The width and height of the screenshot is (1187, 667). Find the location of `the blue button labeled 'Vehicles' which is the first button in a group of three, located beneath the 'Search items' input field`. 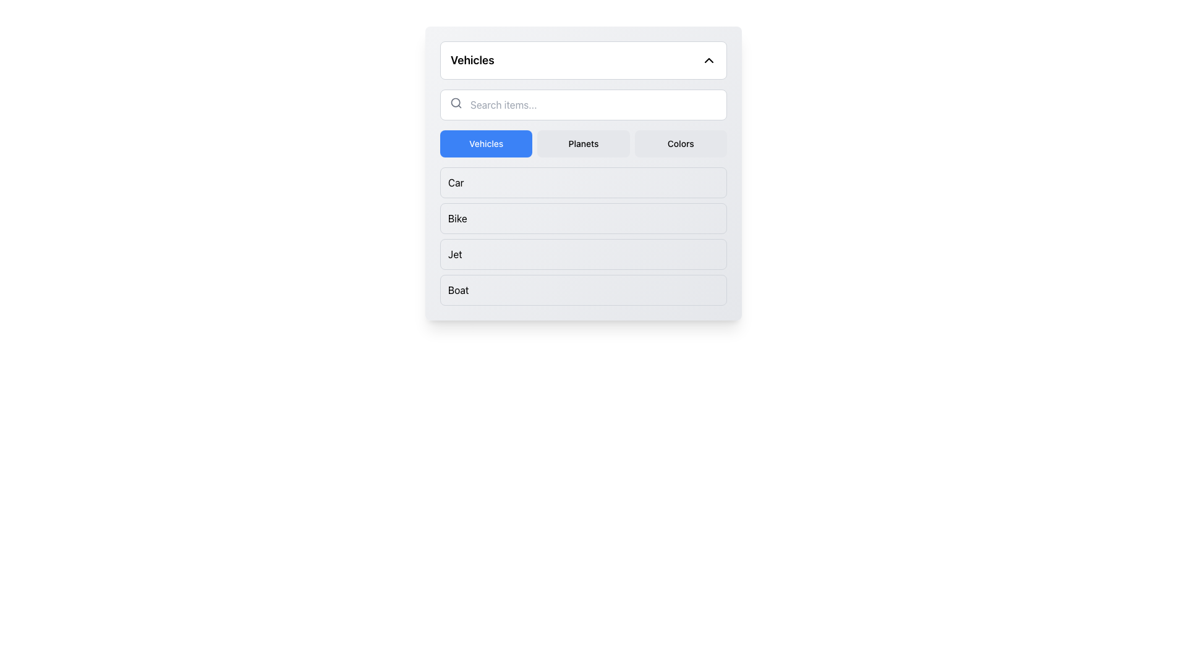

the blue button labeled 'Vehicles' which is the first button in a group of three, located beneath the 'Search items' input field is located at coordinates (485, 143).